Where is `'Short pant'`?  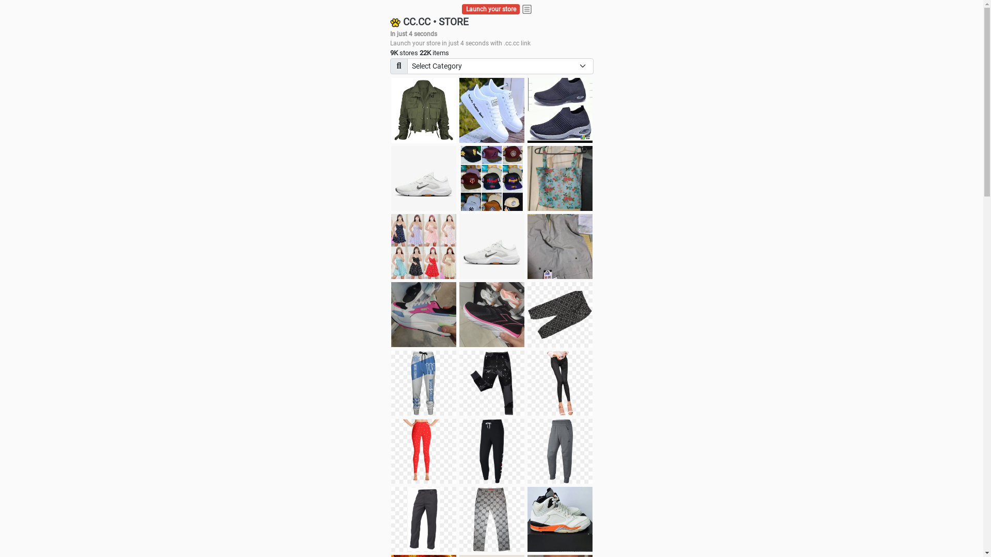 'Short pant' is located at coordinates (559, 314).